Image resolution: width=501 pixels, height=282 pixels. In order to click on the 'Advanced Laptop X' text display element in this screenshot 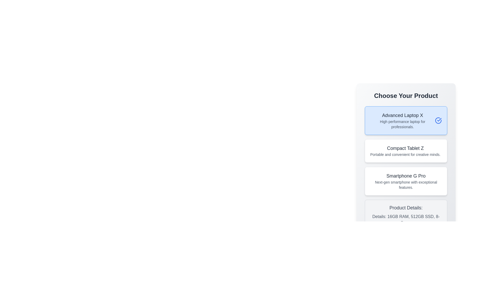, I will do `click(402, 121)`.